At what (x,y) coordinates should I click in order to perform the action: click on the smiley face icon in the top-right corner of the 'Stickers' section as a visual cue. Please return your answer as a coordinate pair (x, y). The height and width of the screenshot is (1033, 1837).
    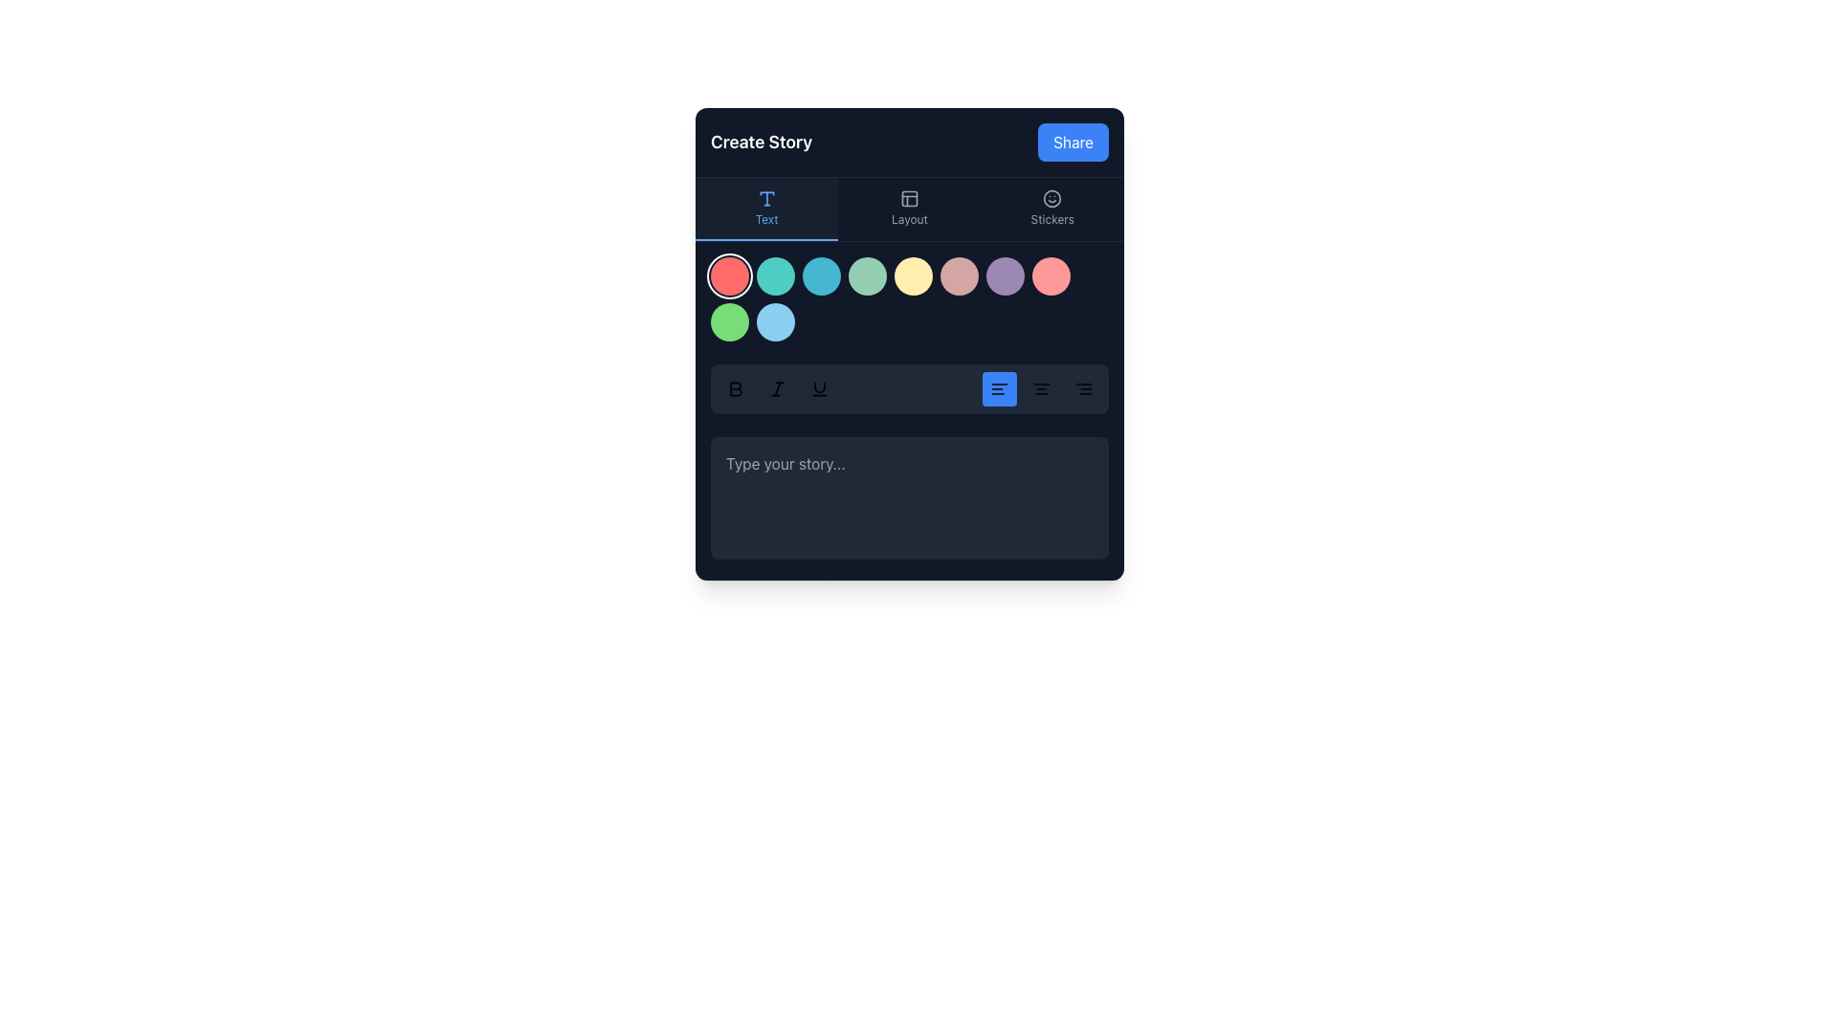
    Looking at the image, I should click on (1051, 199).